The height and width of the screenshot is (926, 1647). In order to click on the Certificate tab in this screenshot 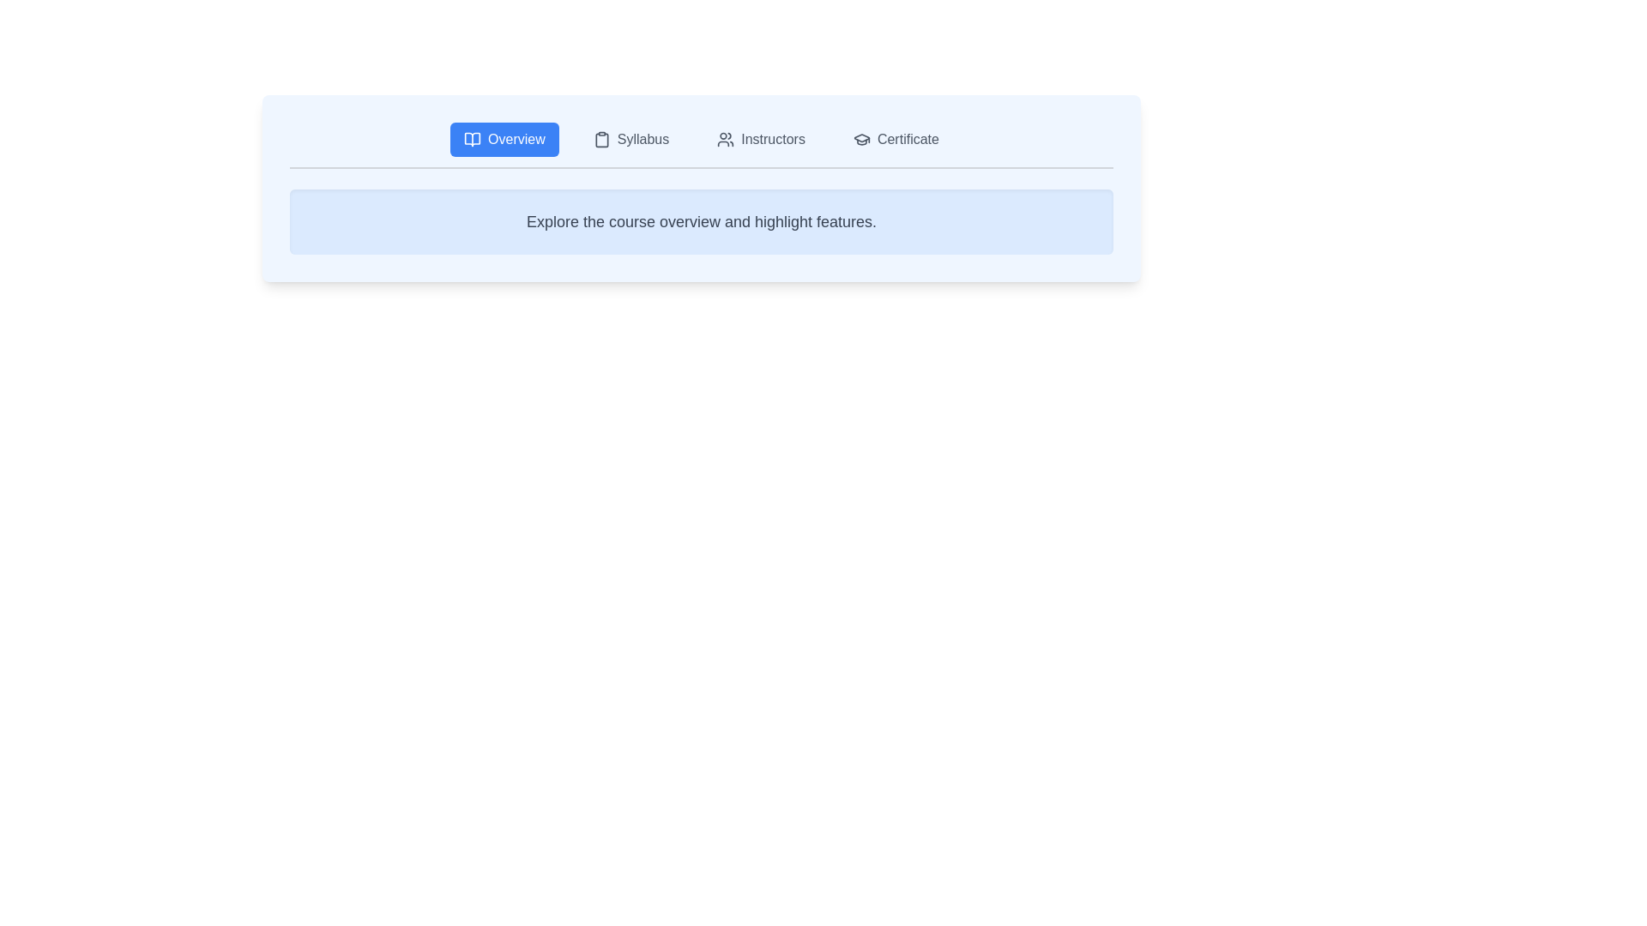, I will do `click(894, 138)`.